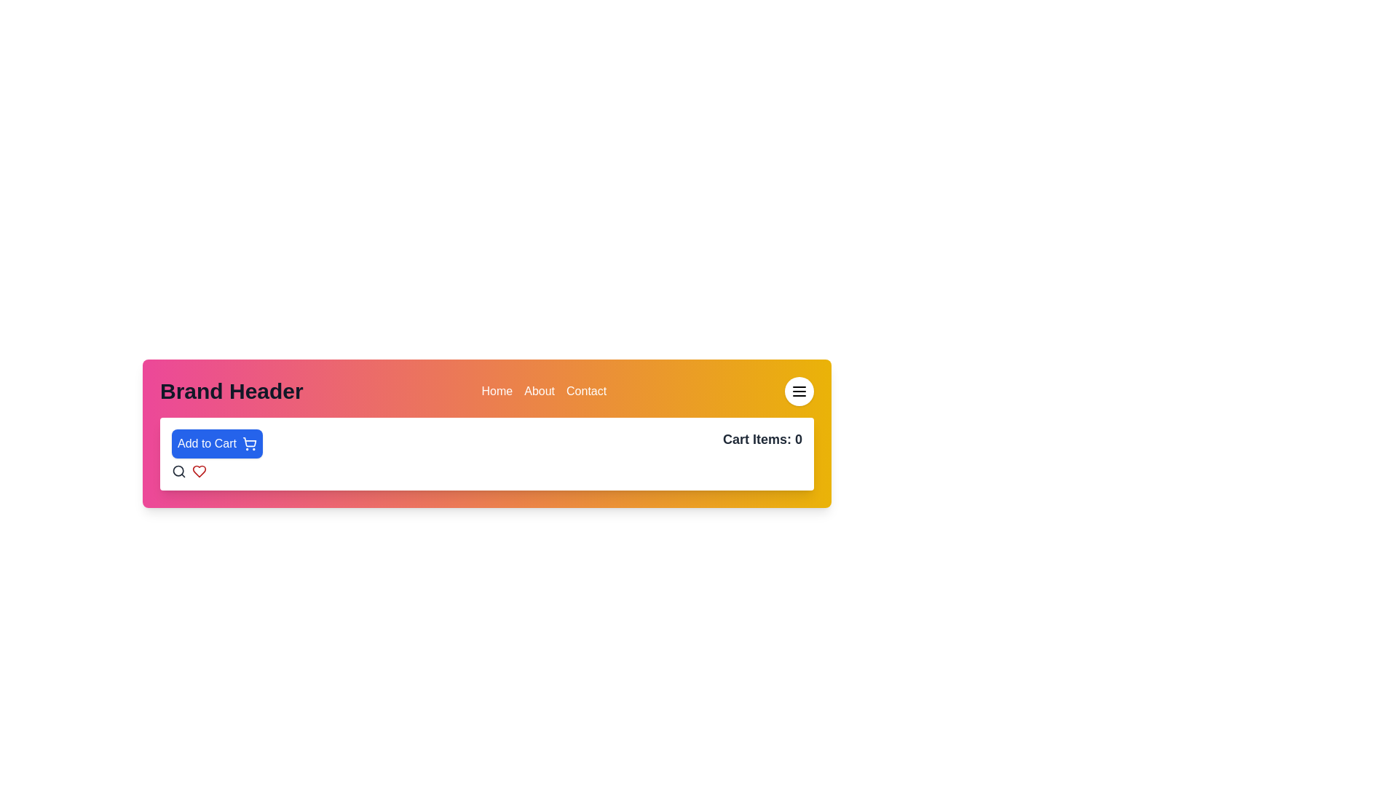 This screenshot has width=1398, height=786. Describe the element at coordinates (539, 390) in the screenshot. I see `the 'About' text-based navigation menu item in the top-right menu bar` at that location.